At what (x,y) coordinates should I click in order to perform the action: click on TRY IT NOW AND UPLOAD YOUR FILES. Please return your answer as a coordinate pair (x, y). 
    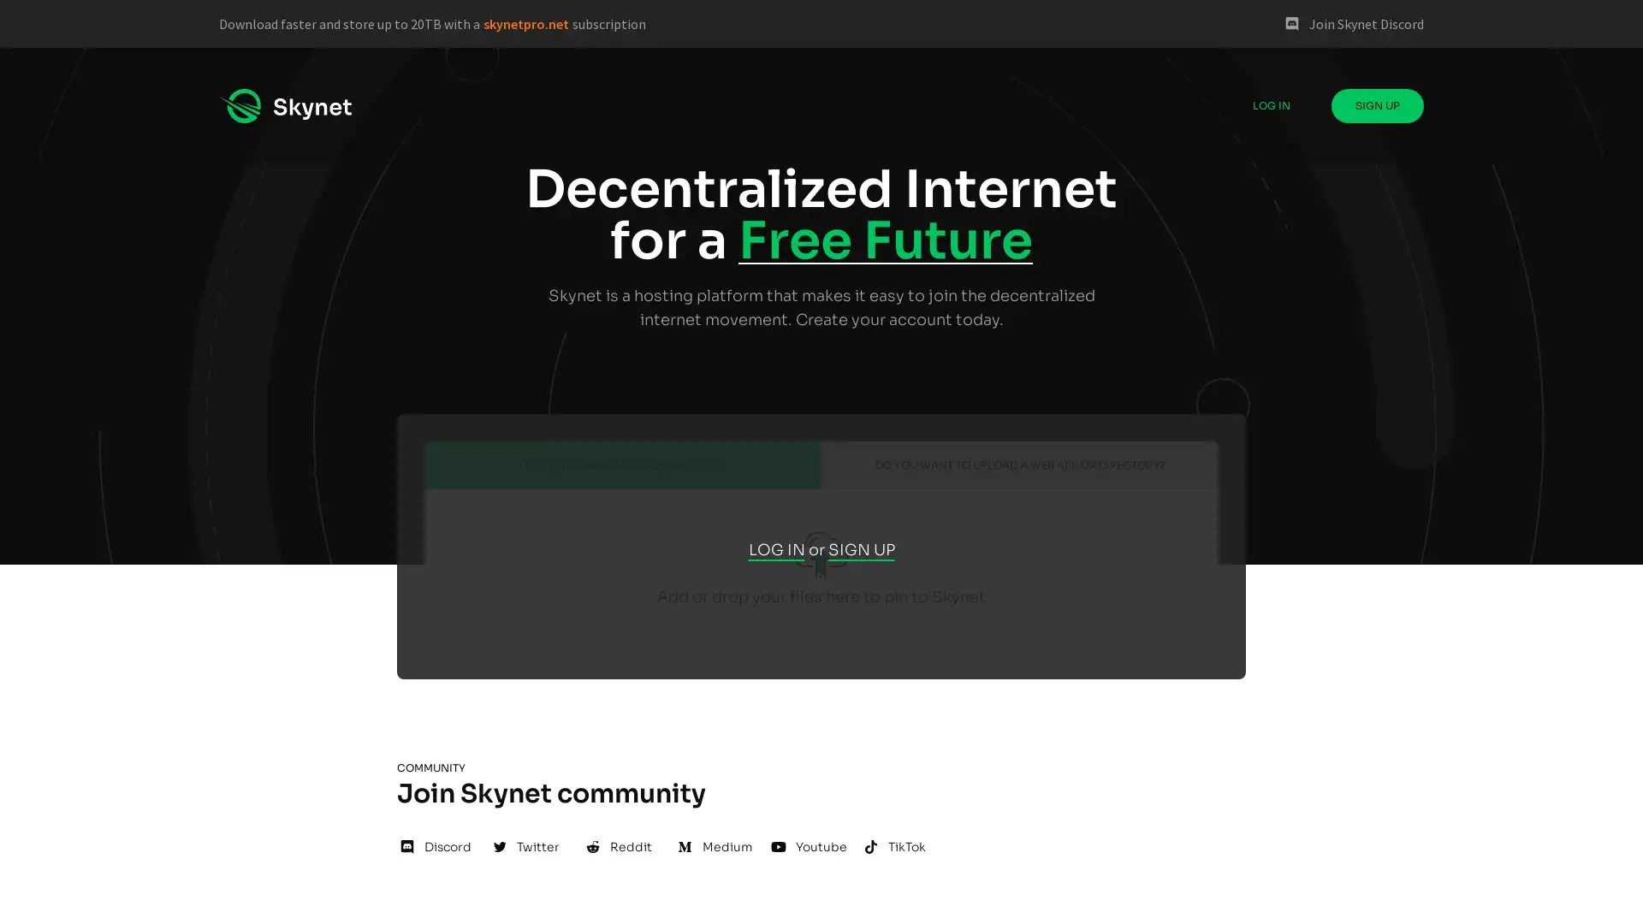
    Looking at the image, I should click on (622, 465).